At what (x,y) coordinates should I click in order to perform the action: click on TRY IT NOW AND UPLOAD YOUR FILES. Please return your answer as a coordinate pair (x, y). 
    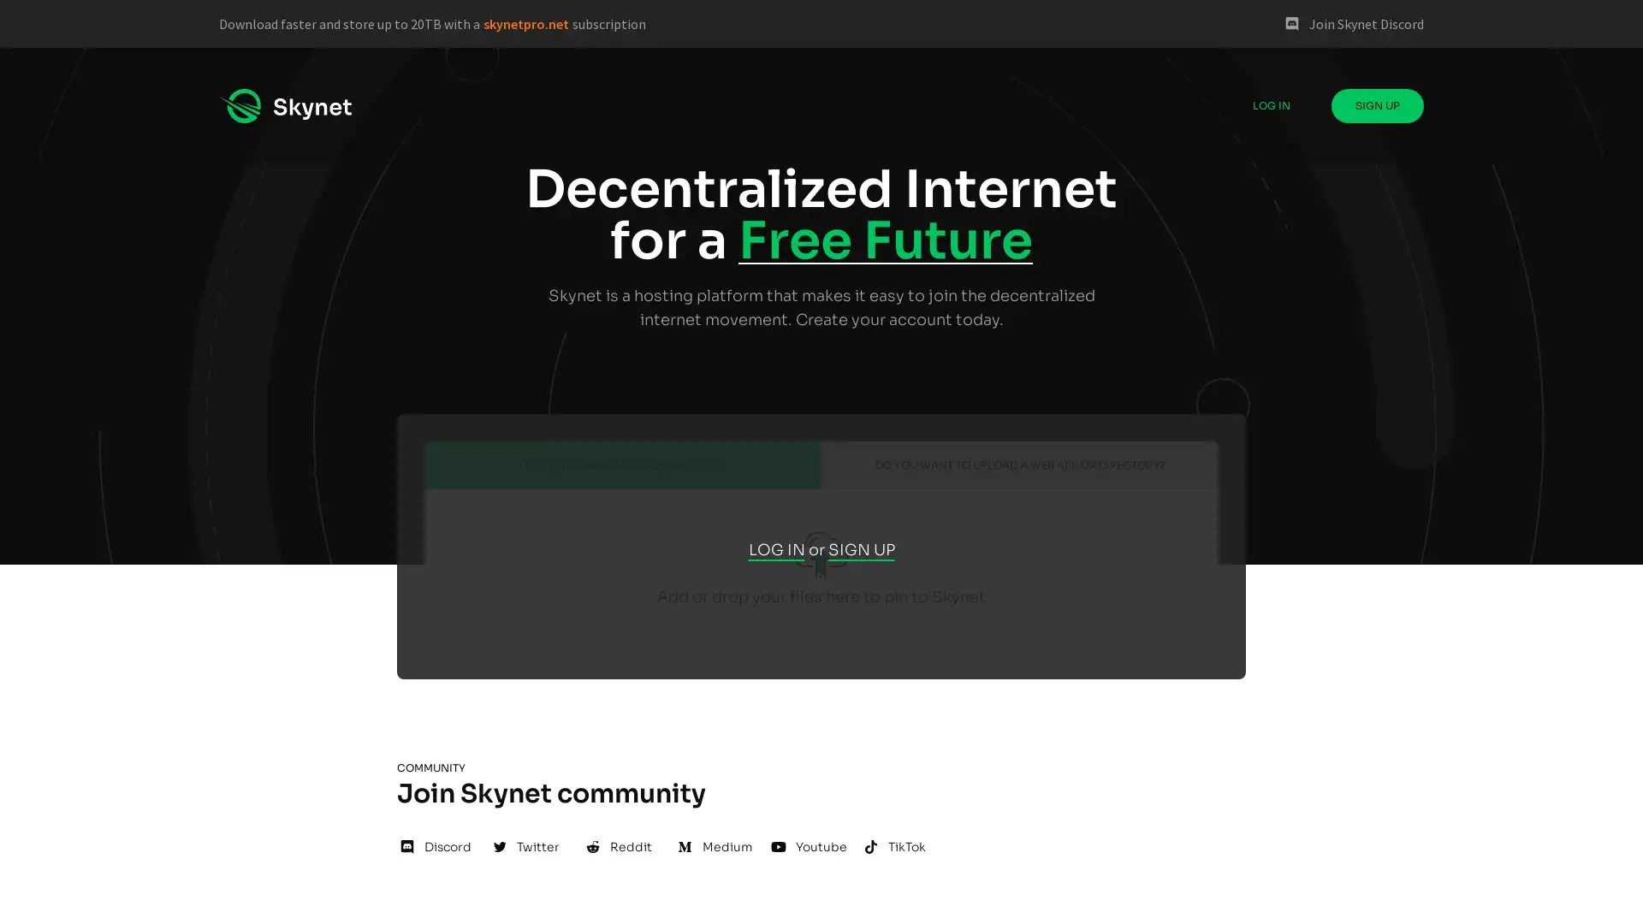
    Looking at the image, I should click on (622, 465).